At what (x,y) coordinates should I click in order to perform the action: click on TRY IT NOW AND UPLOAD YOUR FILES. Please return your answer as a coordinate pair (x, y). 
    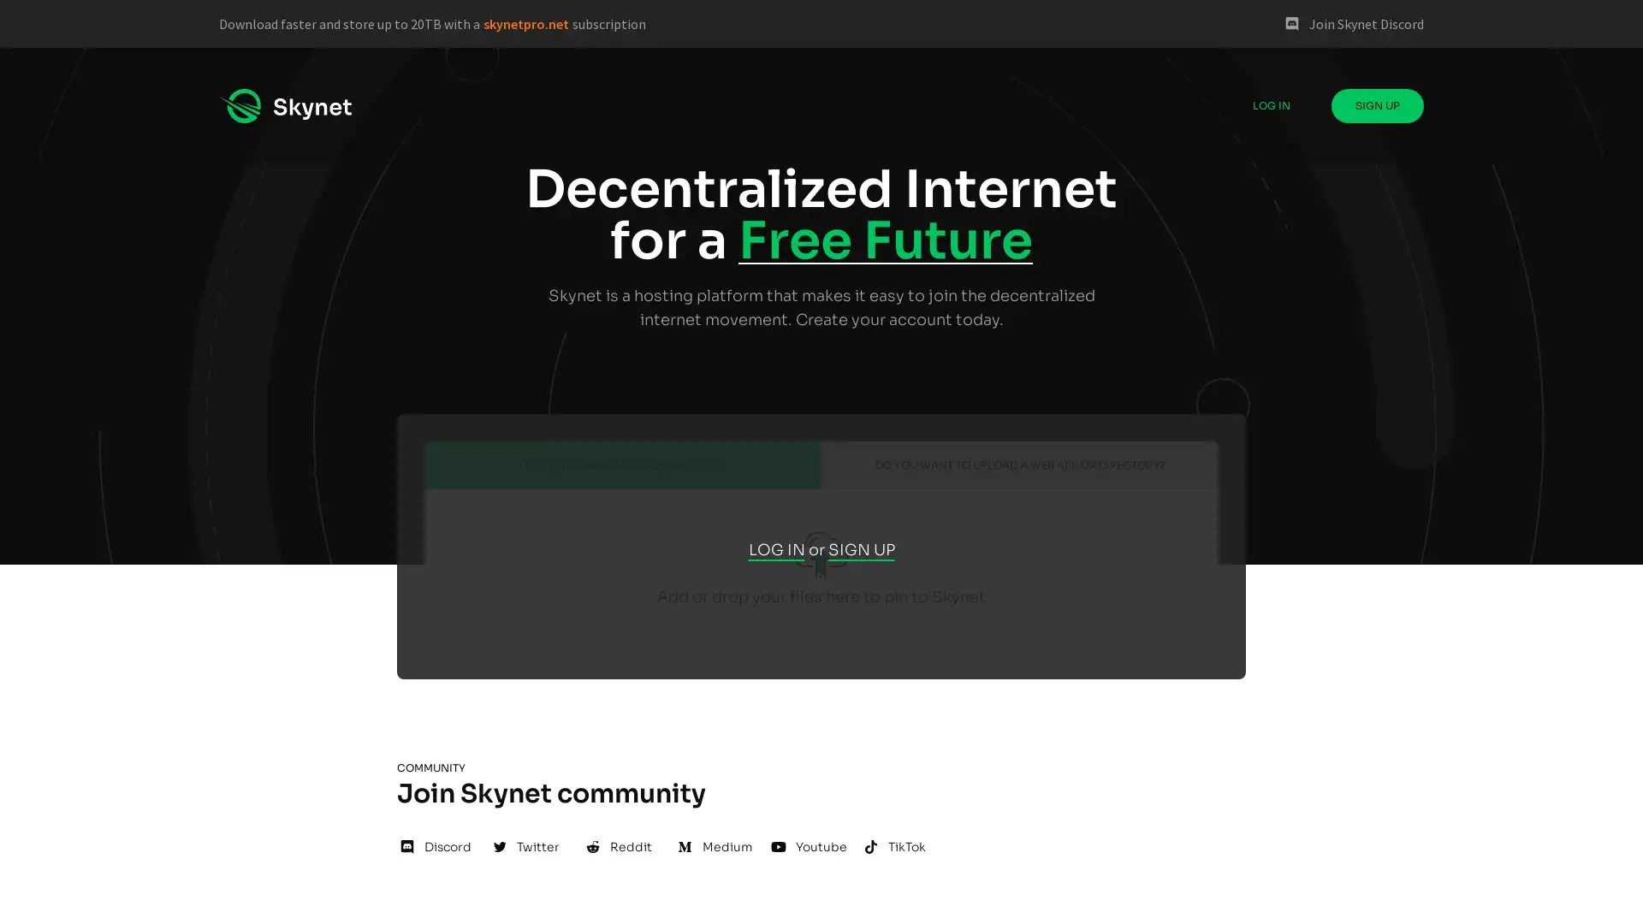
    Looking at the image, I should click on (622, 465).